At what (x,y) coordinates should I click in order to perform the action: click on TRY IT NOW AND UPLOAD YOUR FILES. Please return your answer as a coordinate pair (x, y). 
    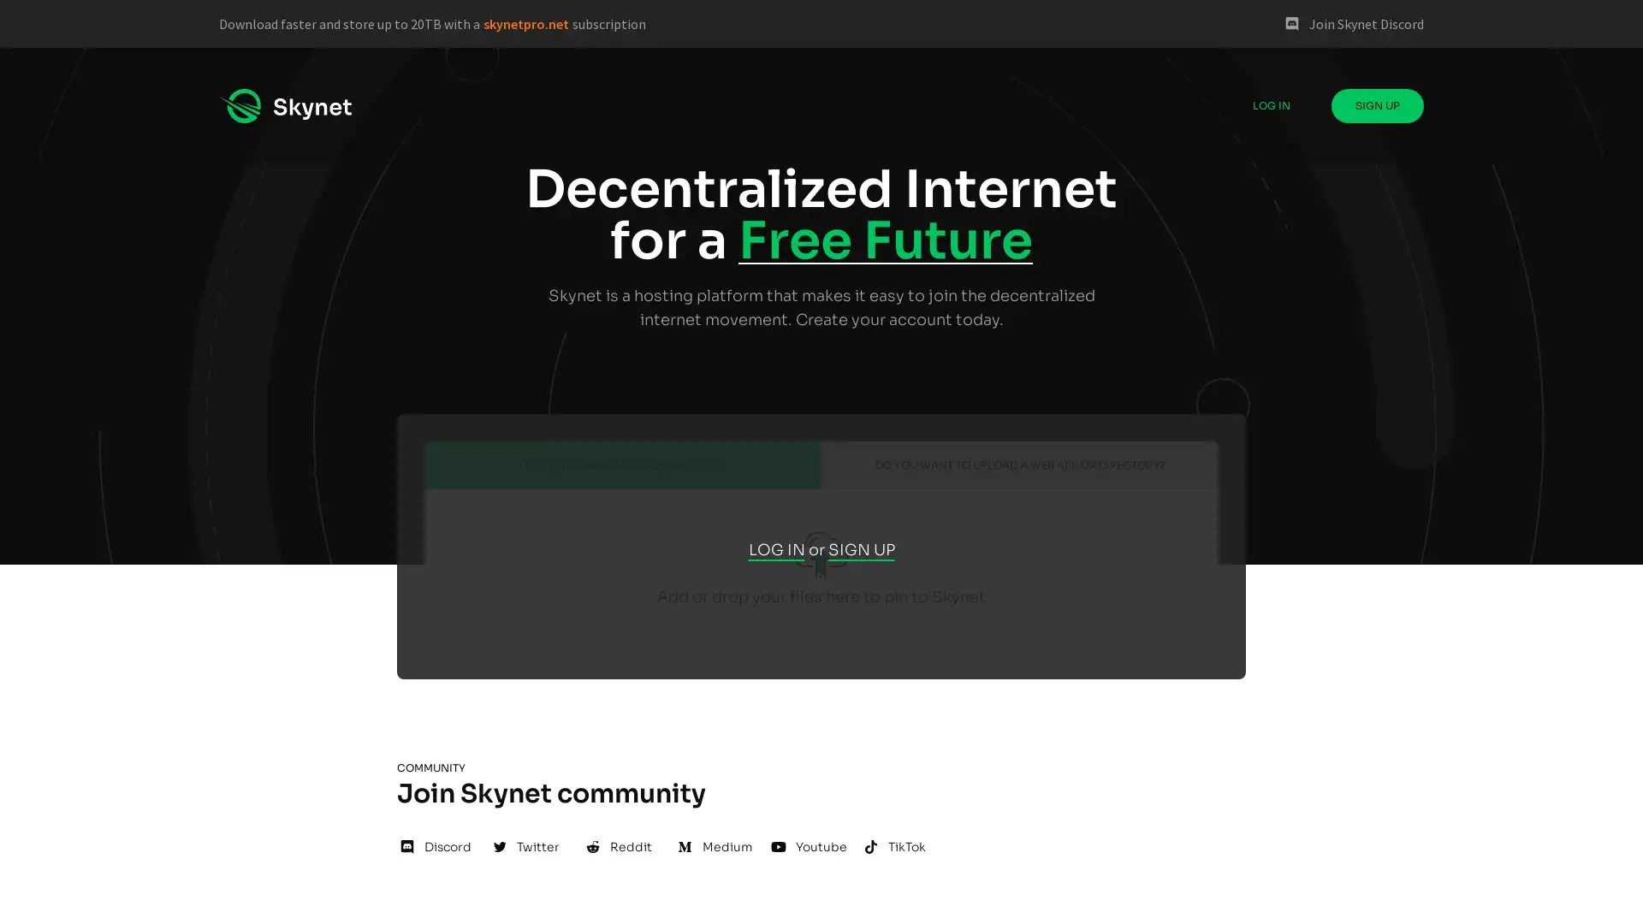
    Looking at the image, I should click on (622, 465).